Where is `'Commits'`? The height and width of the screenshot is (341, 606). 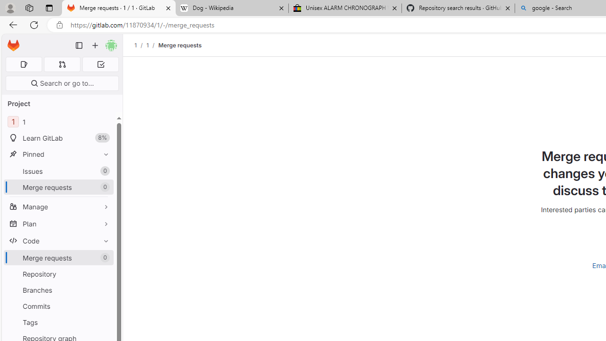 'Commits' is located at coordinates (58, 306).